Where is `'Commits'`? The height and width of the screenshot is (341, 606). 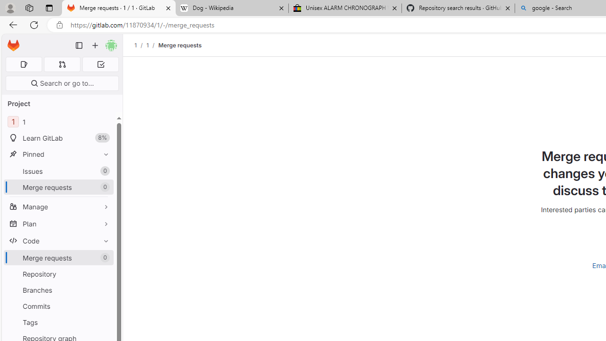 'Commits' is located at coordinates (58, 306).